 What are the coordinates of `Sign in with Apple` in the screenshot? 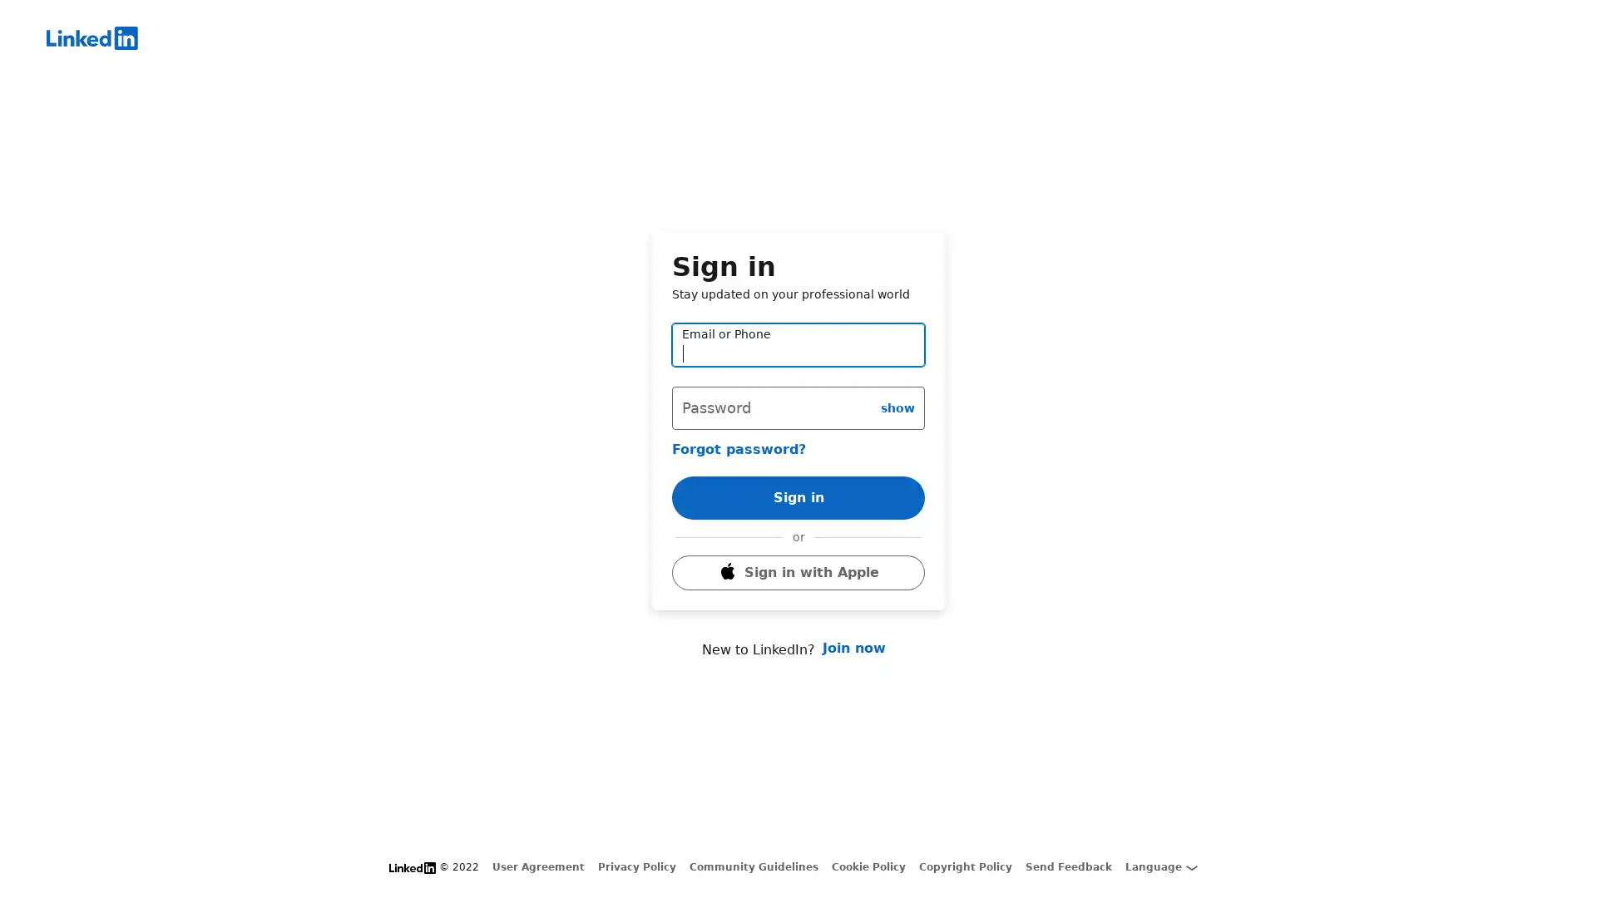 It's located at (798, 595).